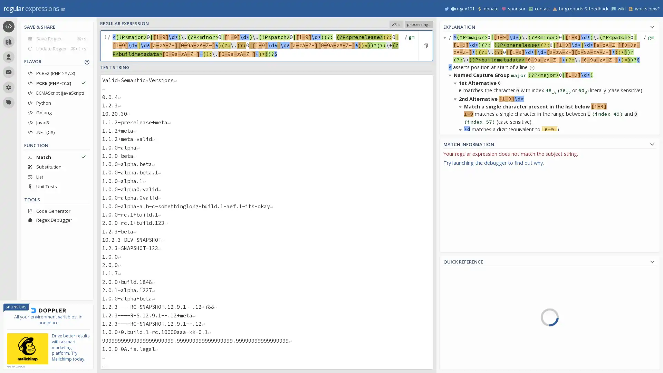 Image resolution: width=663 pixels, height=373 pixels. I want to click on Set Regex Options, so click(411, 46).